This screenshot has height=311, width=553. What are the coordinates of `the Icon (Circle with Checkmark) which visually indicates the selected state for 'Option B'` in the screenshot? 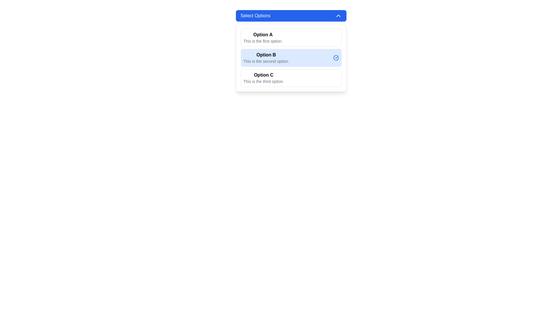 It's located at (336, 58).